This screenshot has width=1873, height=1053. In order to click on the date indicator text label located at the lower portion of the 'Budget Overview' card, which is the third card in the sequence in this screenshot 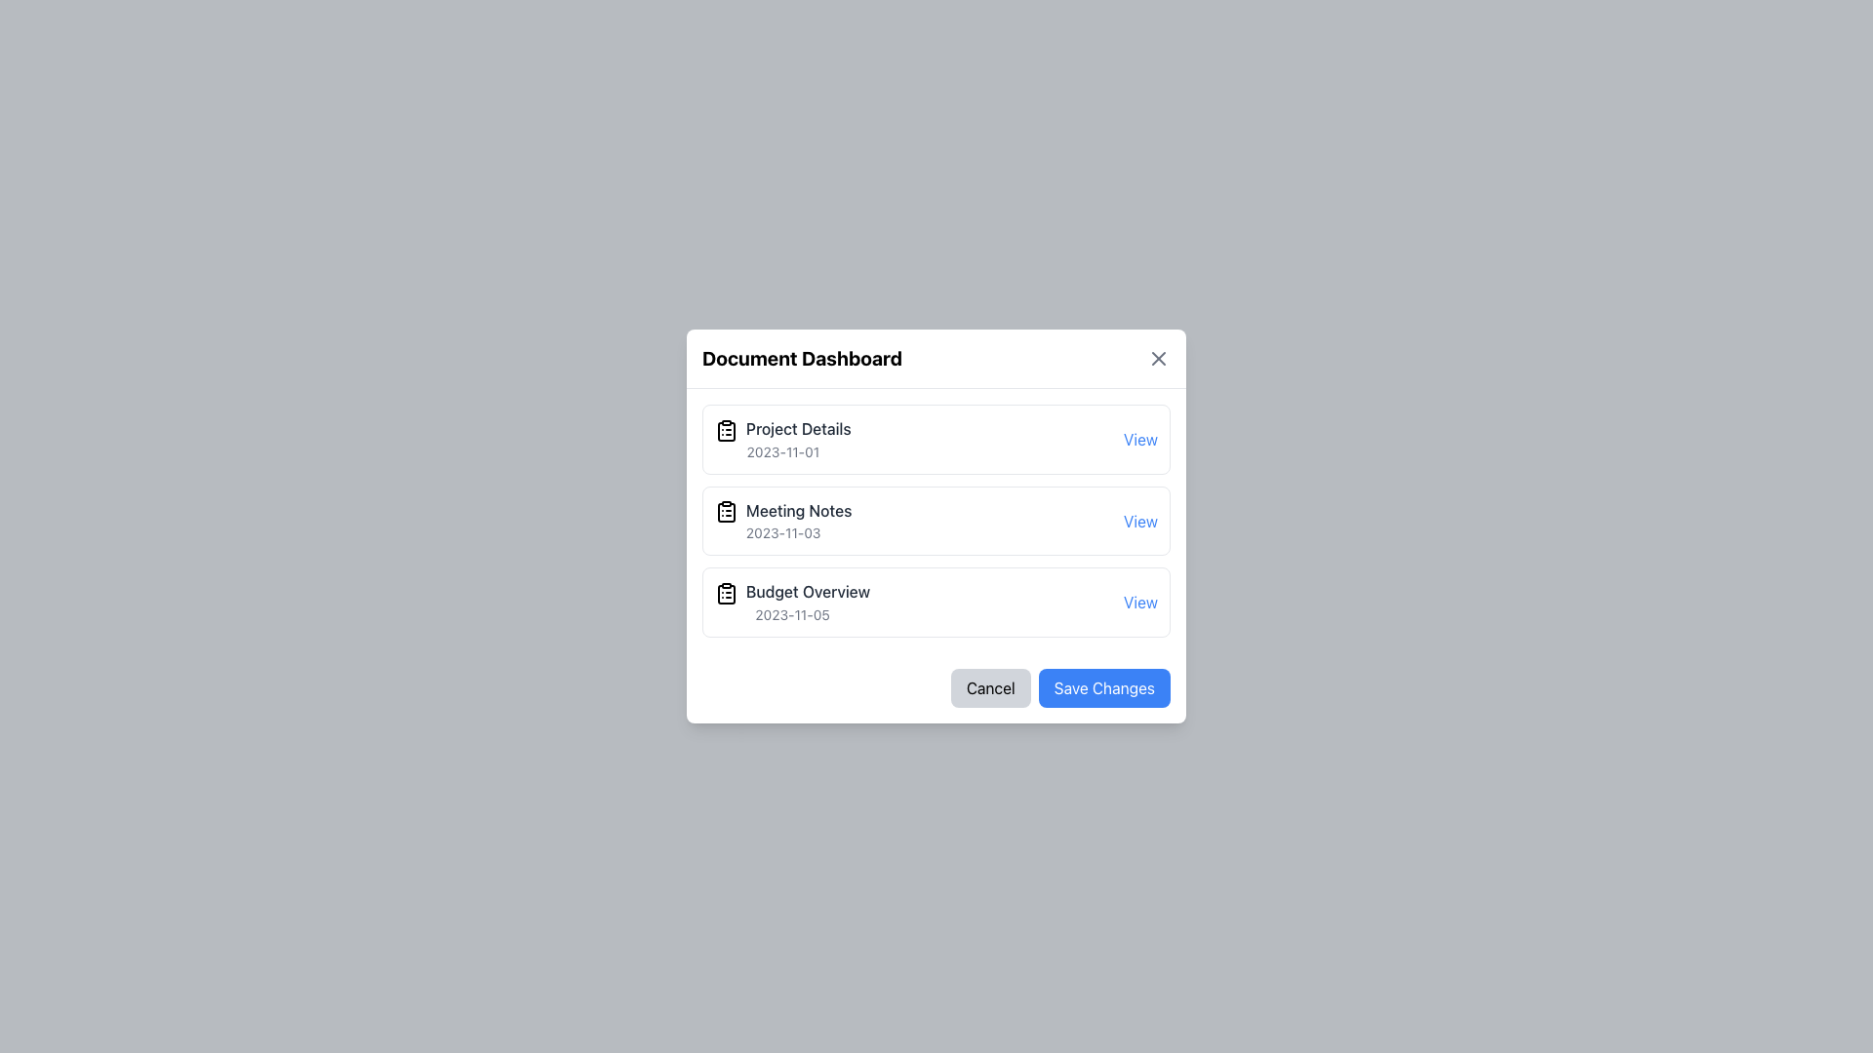, I will do `click(792, 615)`.